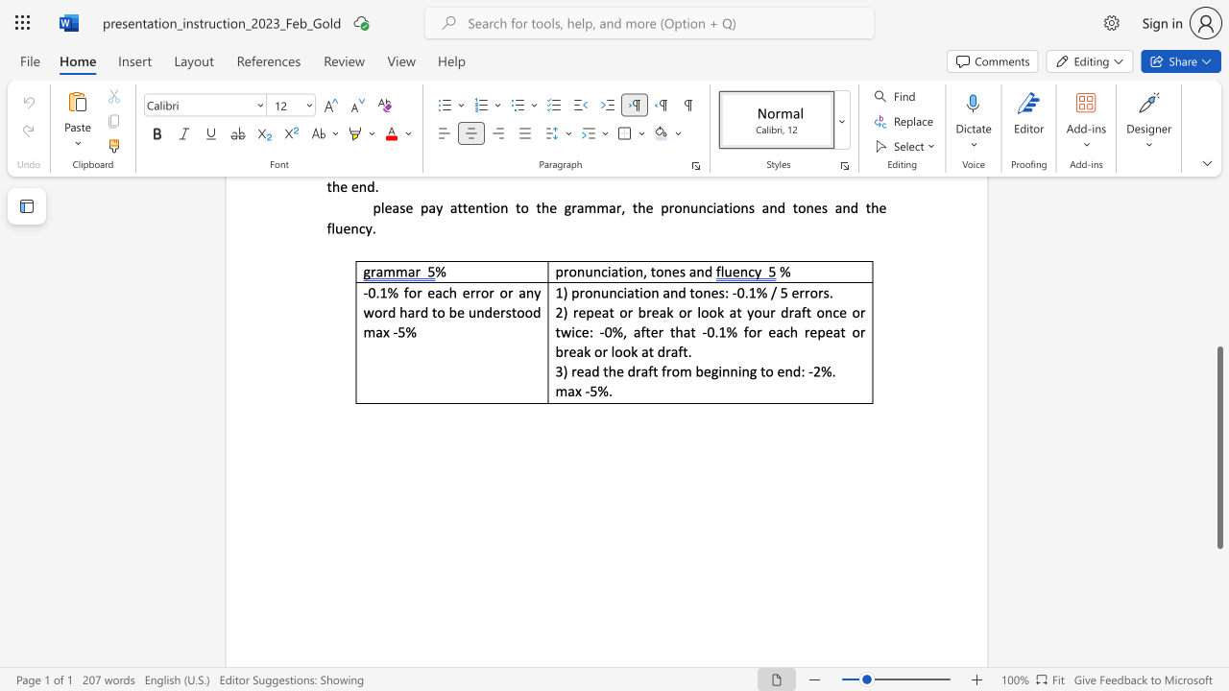 The width and height of the screenshot is (1229, 691). Describe the element at coordinates (1218, 447) in the screenshot. I see `the scrollbar and move down 90 pixels` at that location.